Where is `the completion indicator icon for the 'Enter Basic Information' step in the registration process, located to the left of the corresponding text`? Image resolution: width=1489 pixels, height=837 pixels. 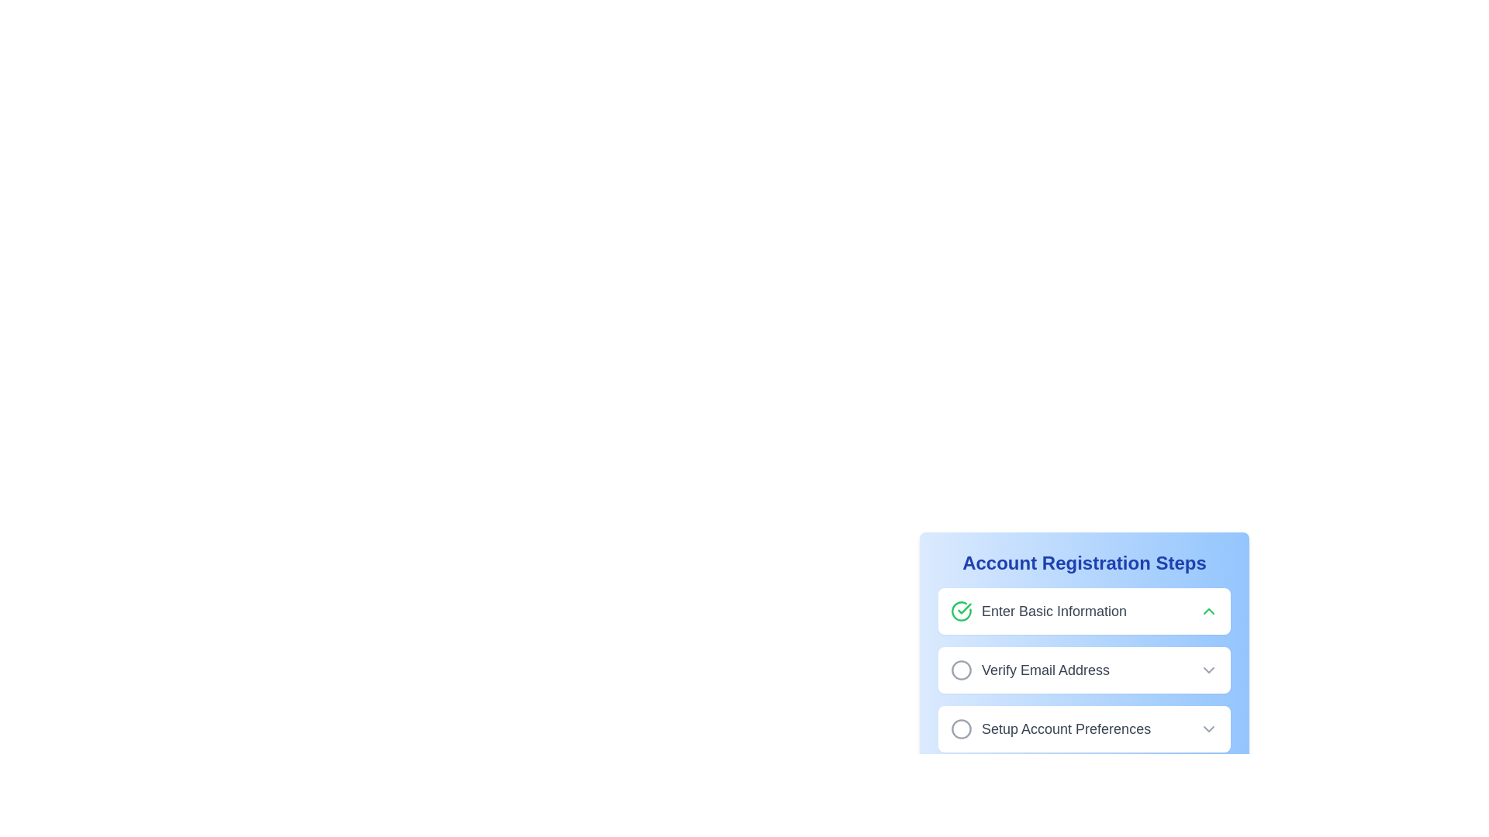
the completion indicator icon for the 'Enter Basic Information' step in the registration process, located to the left of the corresponding text is located at coordinates (960, 611).